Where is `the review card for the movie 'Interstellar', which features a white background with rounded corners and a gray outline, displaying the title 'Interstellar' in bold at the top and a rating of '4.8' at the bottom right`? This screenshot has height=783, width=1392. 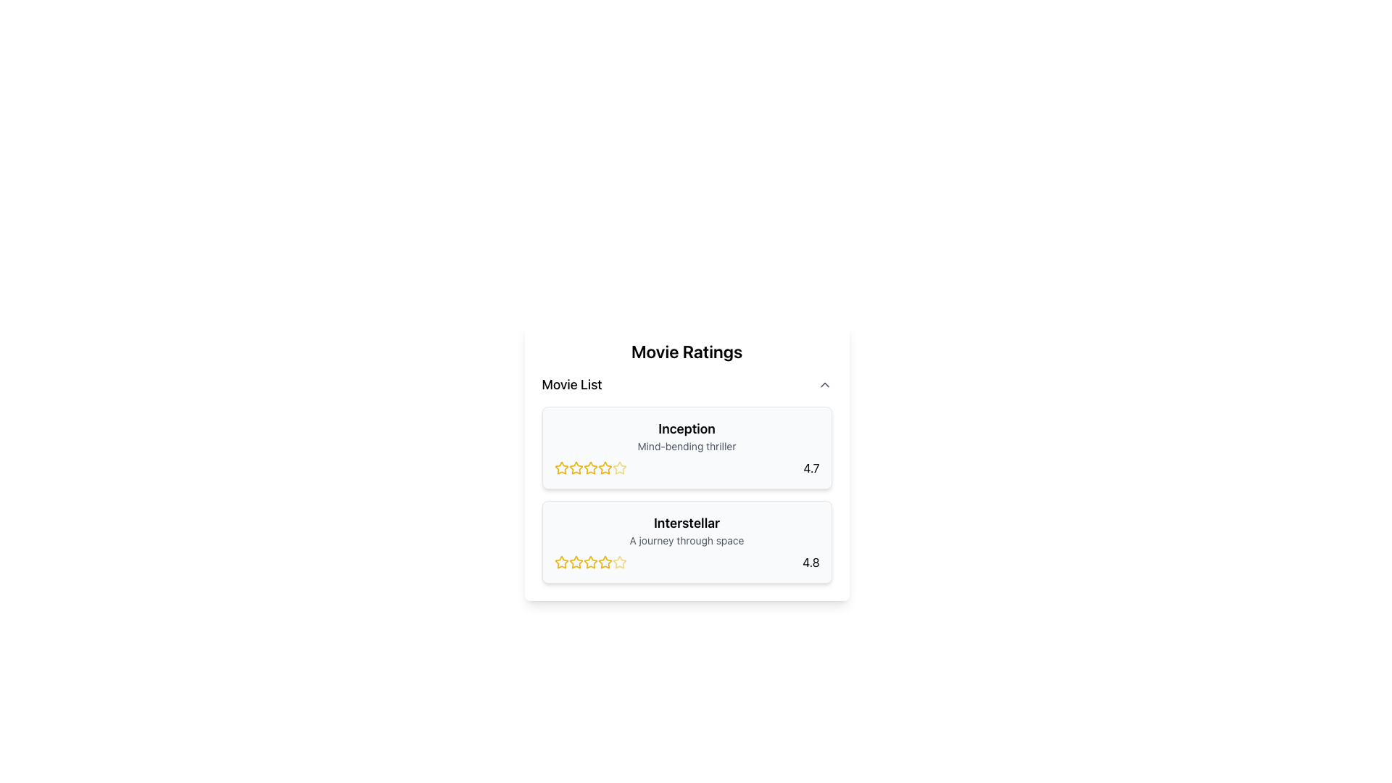
the review card for the movie 'Interstellar', which features a white background with rounded corners and a gray outline, displaying the title 'Interstellar' in bold at the top and a rating of '4.8' at the bottom right is located at coordinates (686, 542).